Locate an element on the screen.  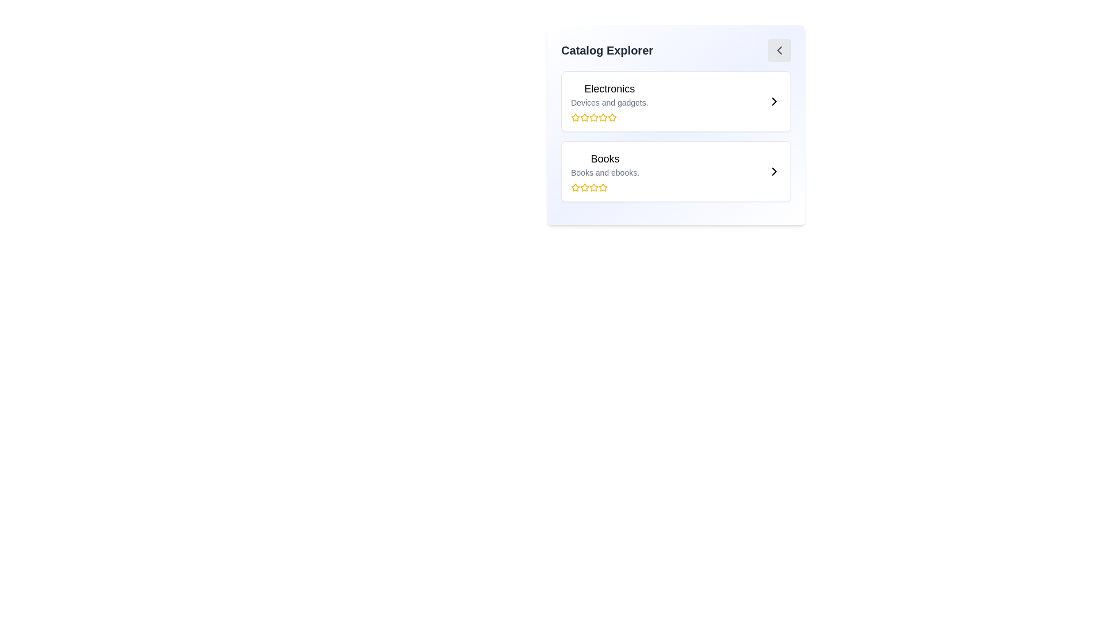
the second star icon representing a 2-star rating in the 5-star rating system is located at coordinates (584, 117).